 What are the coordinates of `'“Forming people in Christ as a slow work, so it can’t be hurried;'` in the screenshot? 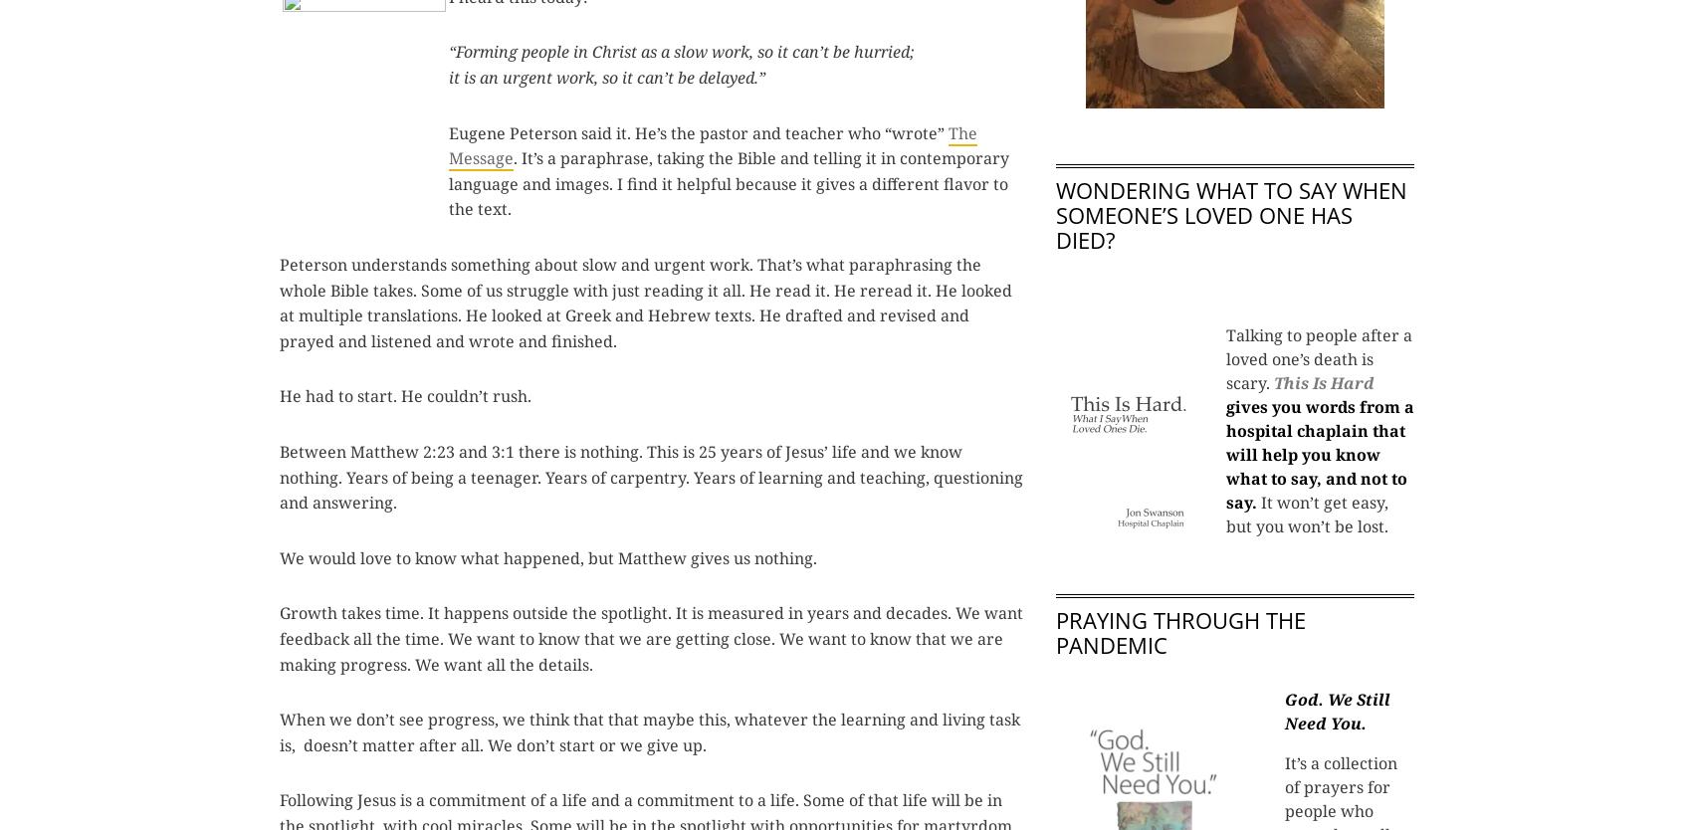 It's located at (448, 52).